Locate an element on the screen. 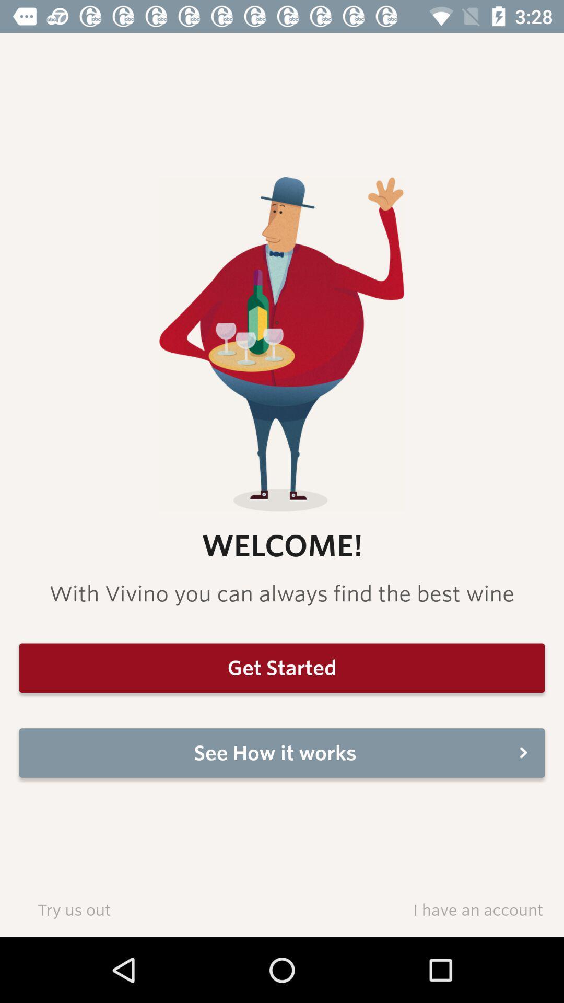  item below get started item is located at coordinates (282, 753).